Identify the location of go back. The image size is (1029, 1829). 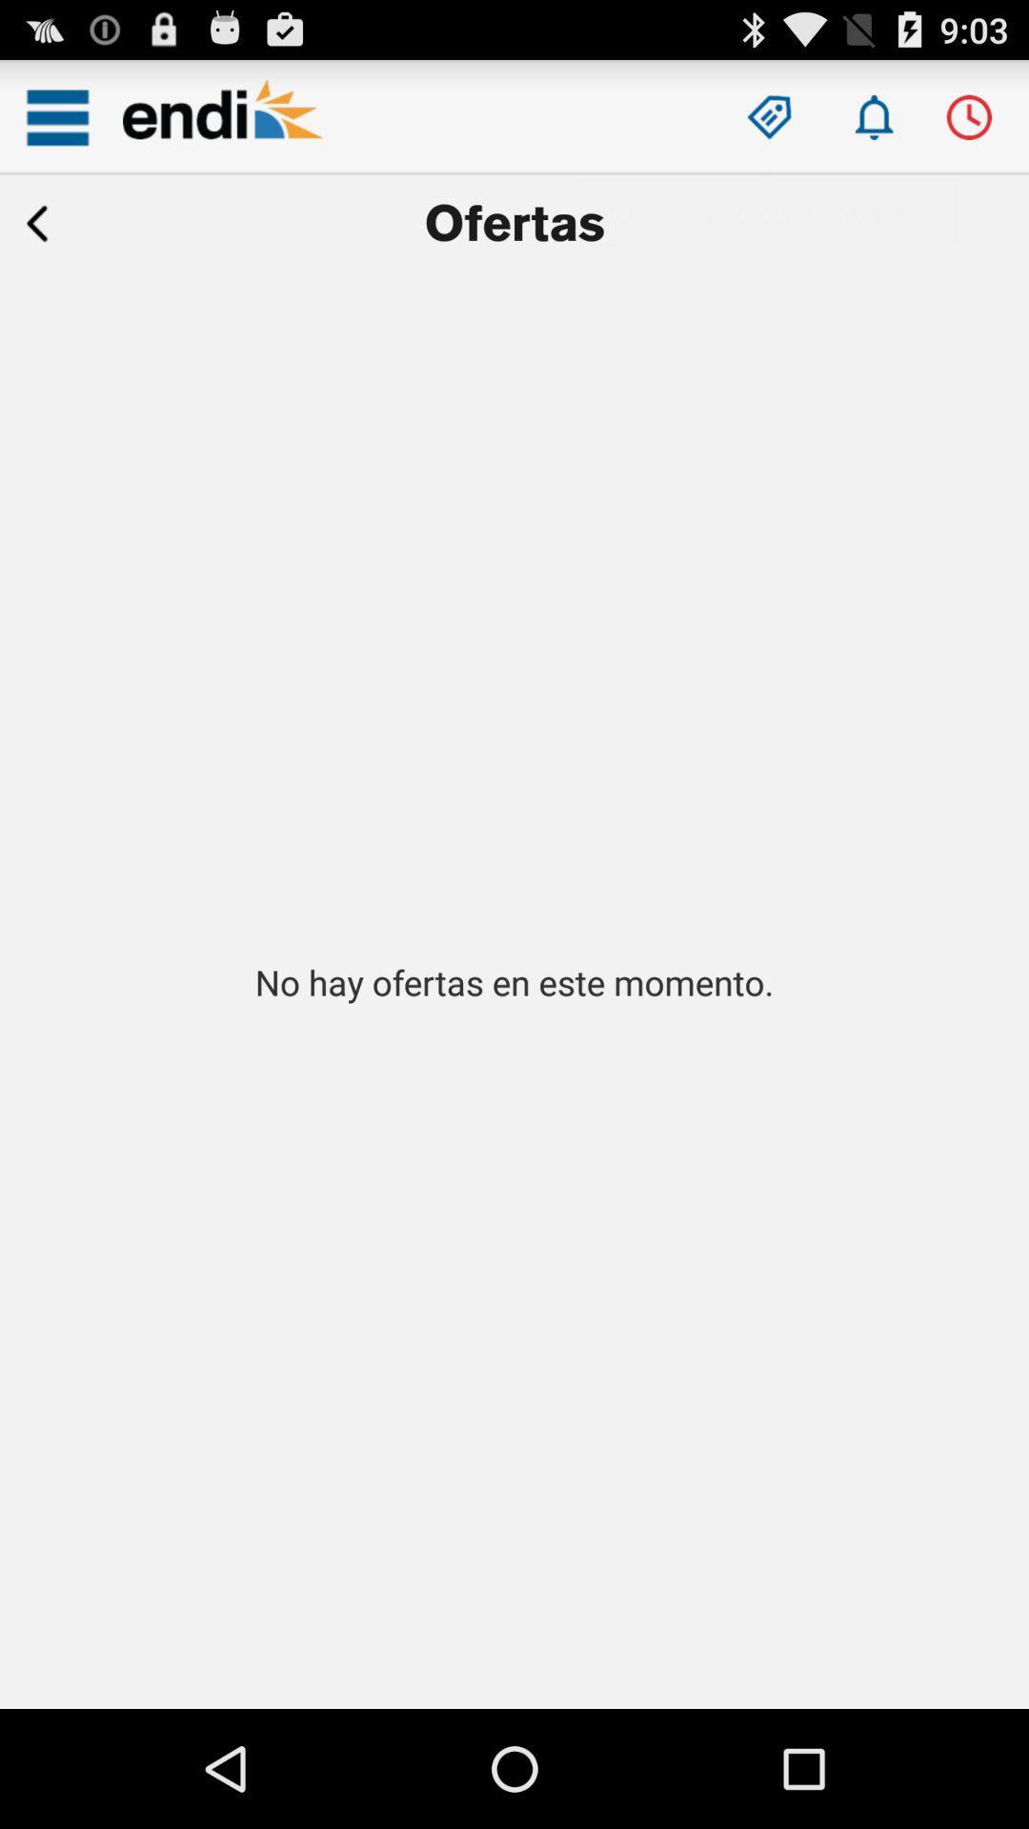
(37, 224).